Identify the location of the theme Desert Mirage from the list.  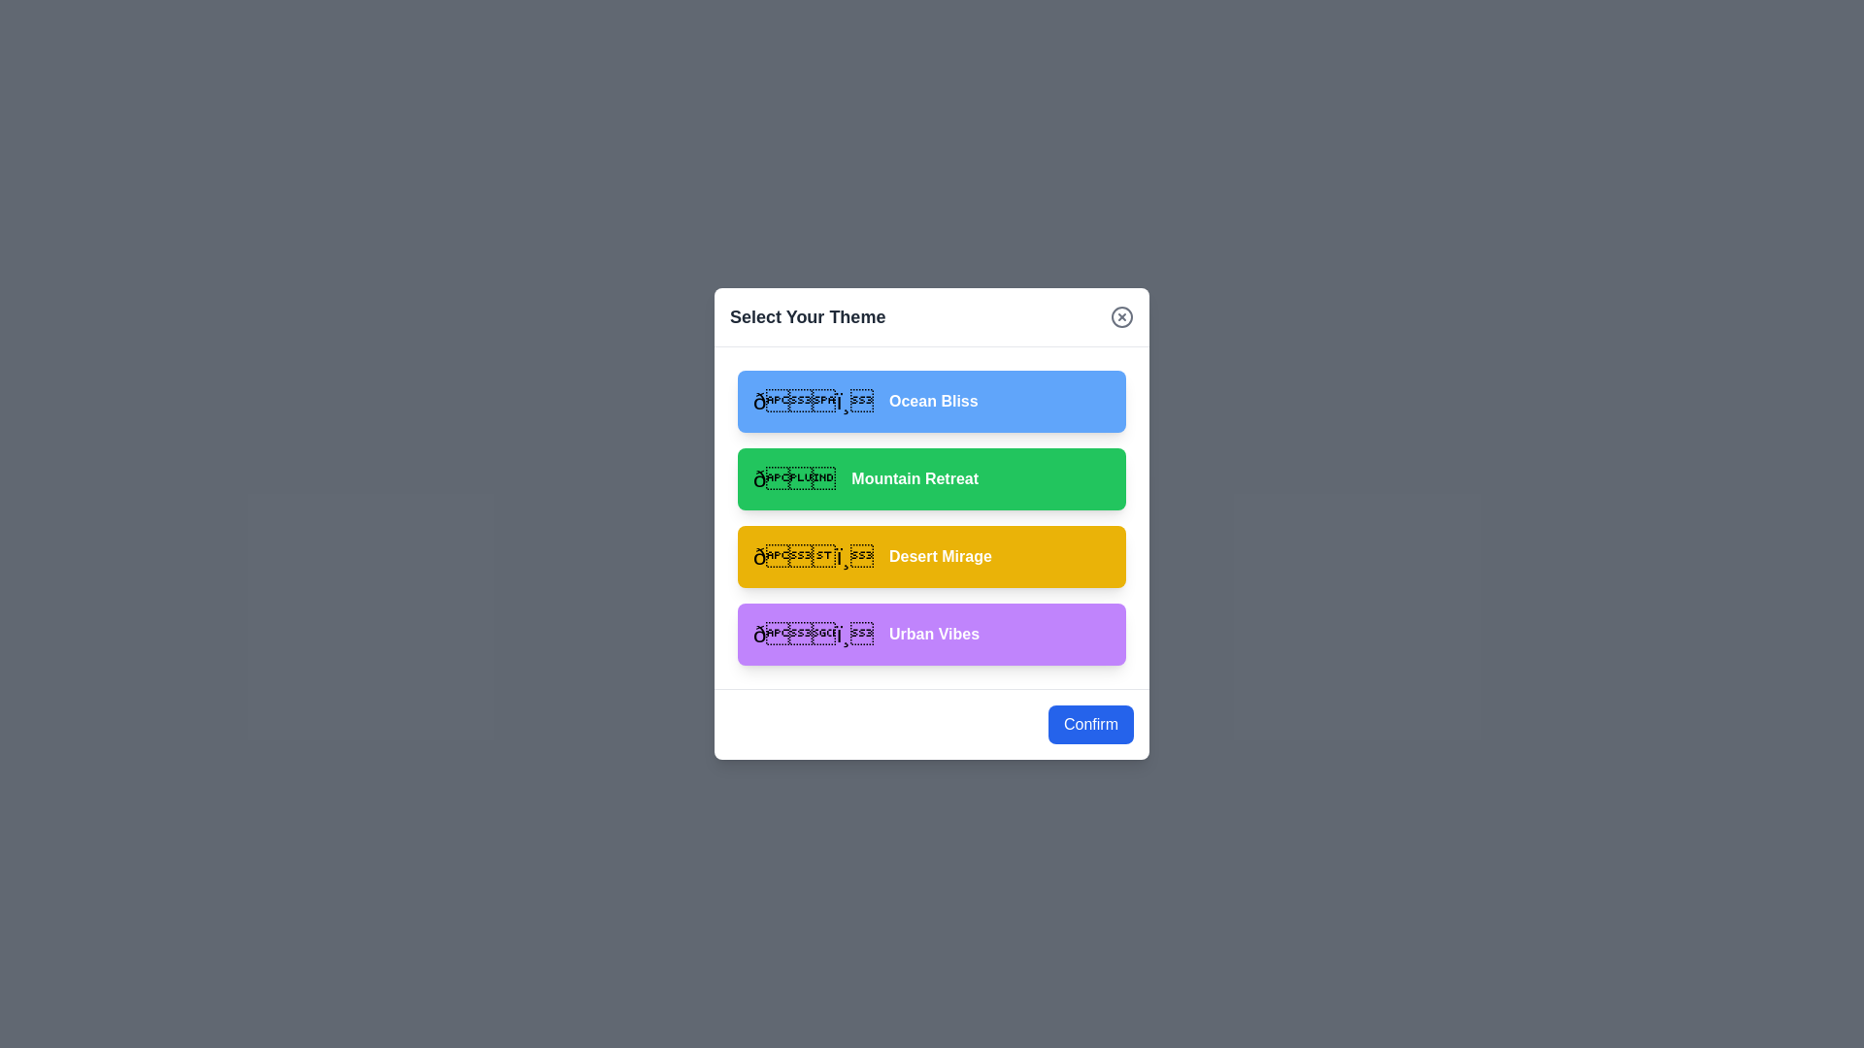
(932, 557).